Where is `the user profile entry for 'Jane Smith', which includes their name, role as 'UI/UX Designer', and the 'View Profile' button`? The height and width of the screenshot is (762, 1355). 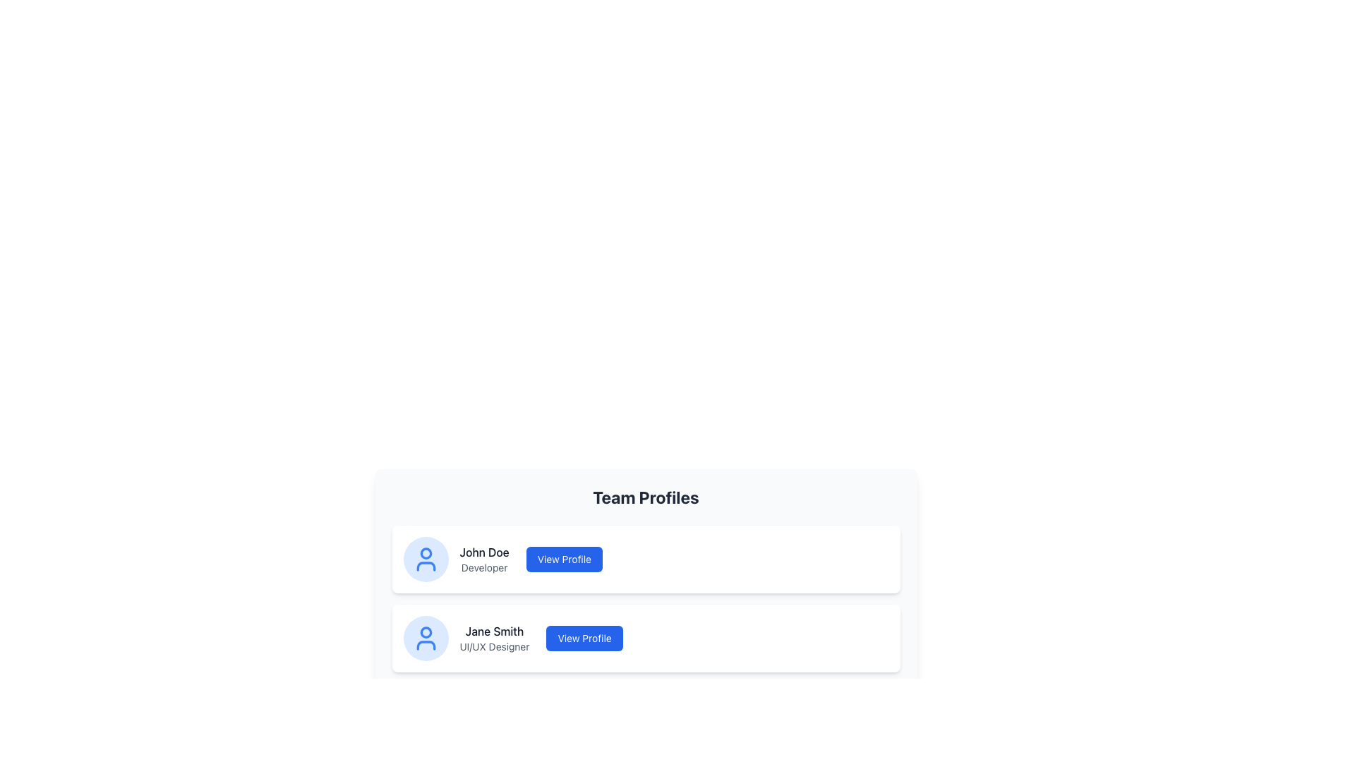 the user profile entry for 'Jane Smith', which includes their name, role as 'UI/UX Designer', and the 'View Profile' button is located at coordinates (645, 639).